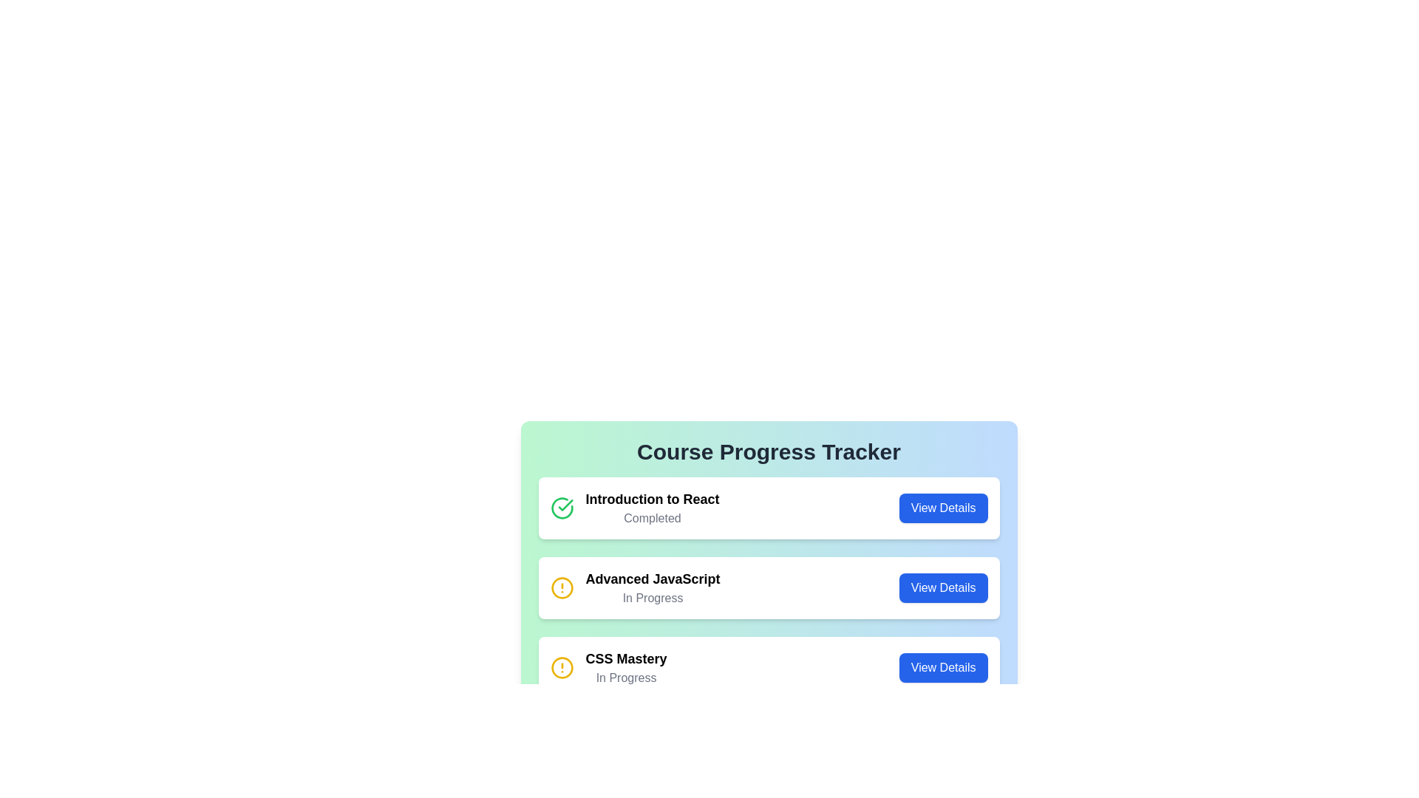 This screenshot has width=1419, height=798. What do you see at coordinates (652, 578) in the screenshot?
I see `the bold, large-sized text reading 'Advanced JavaScript', which is styled prominently with a black serif font and located in the second item of the vertical list under 'Course Progress Tracker'` at bounding box center [652, 578].